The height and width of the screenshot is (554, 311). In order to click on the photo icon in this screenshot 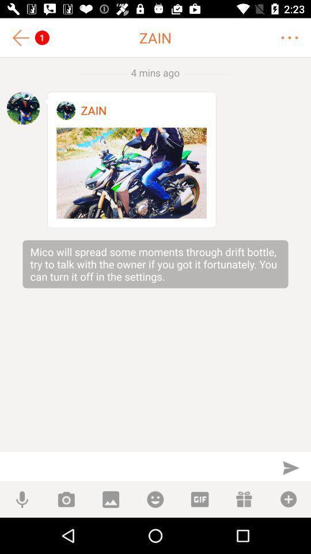, I will do `click(66, 499)`.